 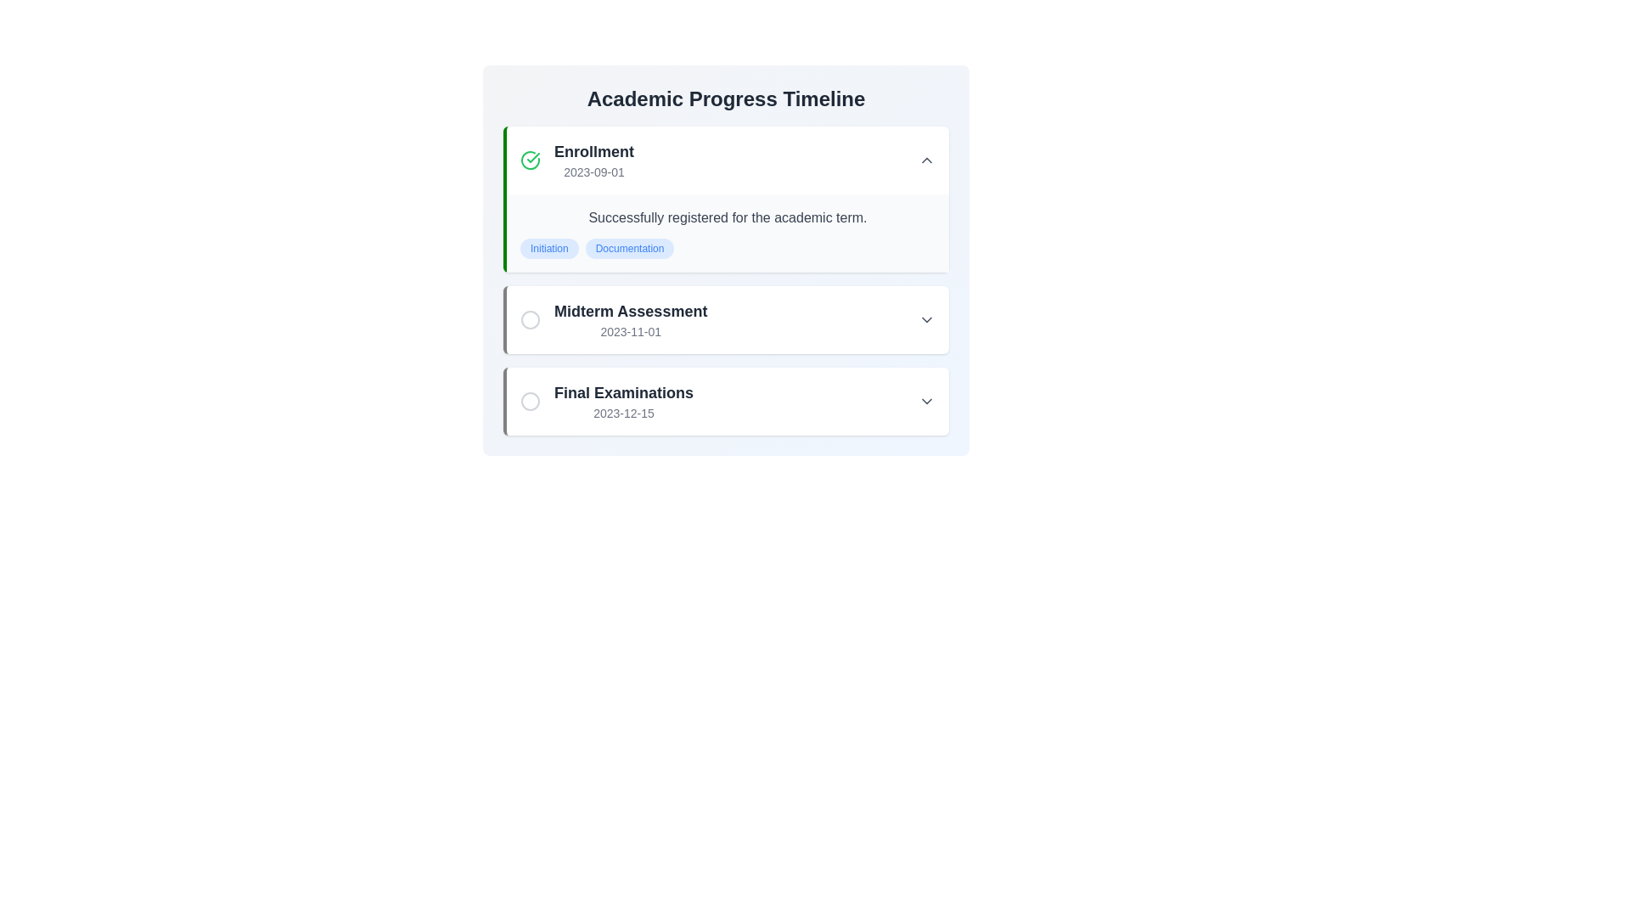 What do you see at coordinates (622, 392) in the screenshot?
I see `text from the bold and larger font label displaying 'Final Examinations', which is part of a timeline interface positioned above a date label` at bounding box center [622, 392].